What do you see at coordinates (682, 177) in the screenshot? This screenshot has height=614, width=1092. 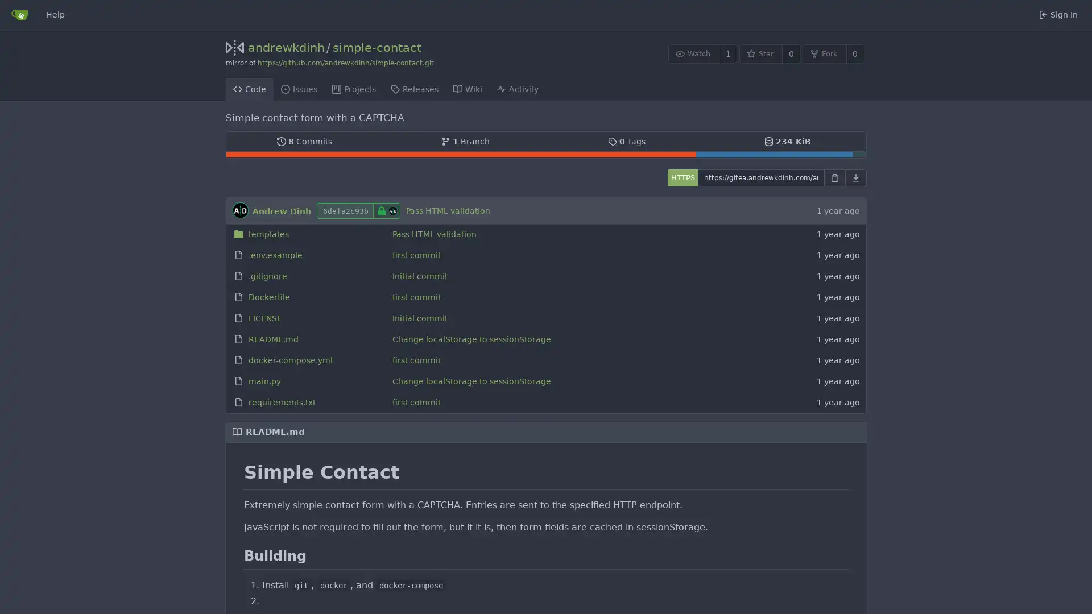 I see `HTTPS` at bounding box center [682, 177].